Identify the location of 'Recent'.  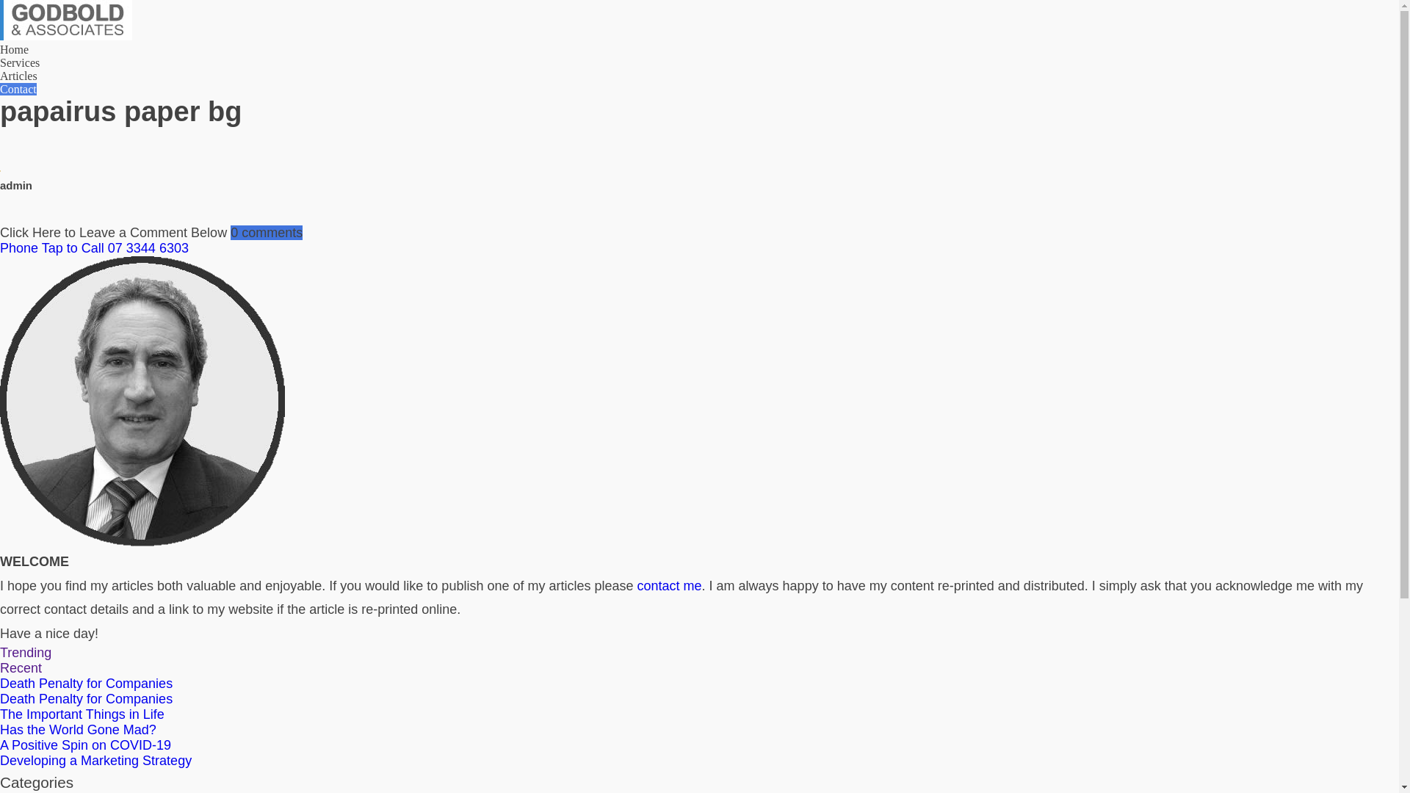
(21, 668).